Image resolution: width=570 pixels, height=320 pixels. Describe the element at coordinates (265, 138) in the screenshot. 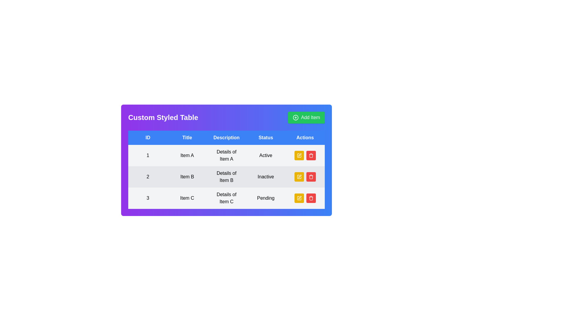

I see `the 'Status' label, which is the fourth column header in the table's header row, styled with white font on a blue background` at that location.